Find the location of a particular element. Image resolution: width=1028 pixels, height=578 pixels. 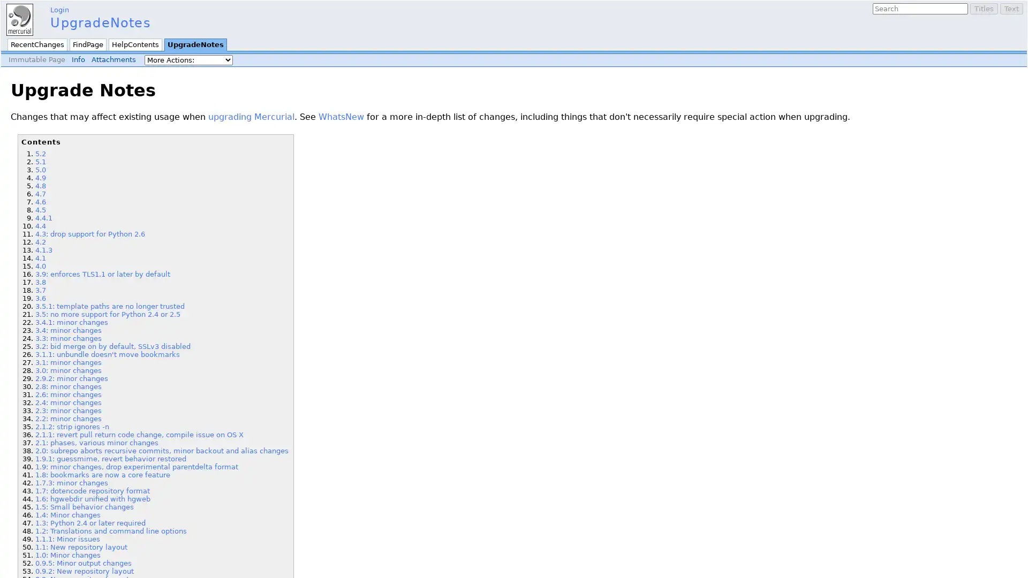

Titles is located at coordinates (984, 9).